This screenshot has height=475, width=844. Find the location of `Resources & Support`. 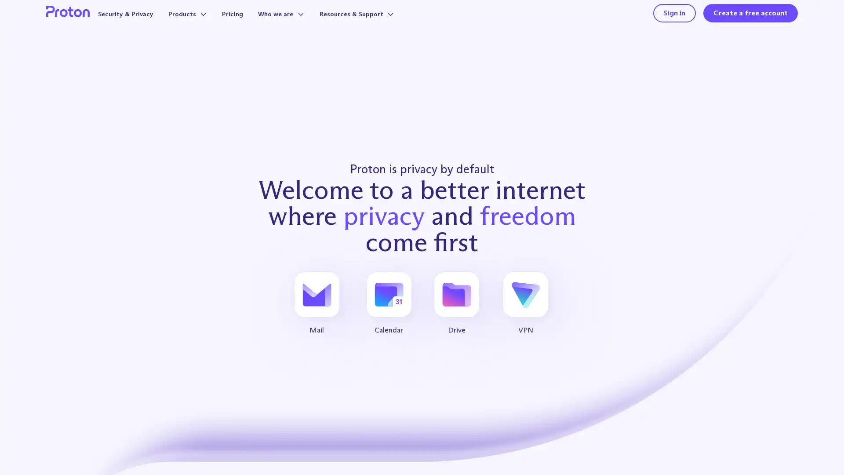

Resources & Support is located at coordinates (380, 22).